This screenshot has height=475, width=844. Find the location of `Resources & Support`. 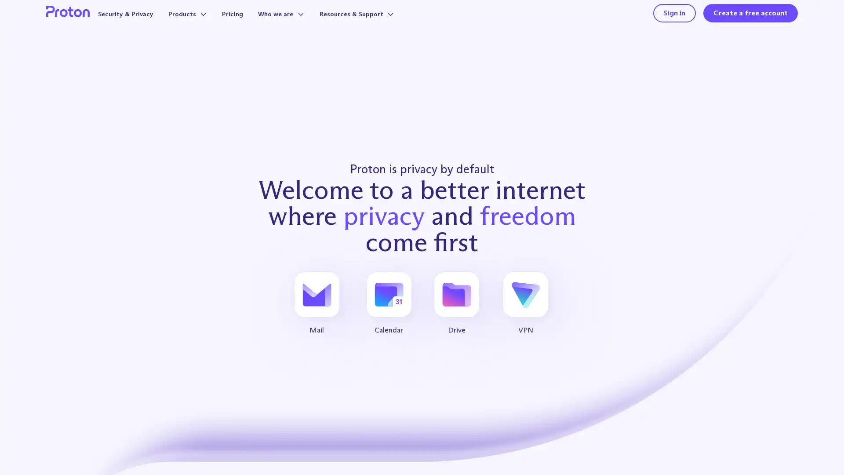

Resources & Support is located at coordinates (380, 22).